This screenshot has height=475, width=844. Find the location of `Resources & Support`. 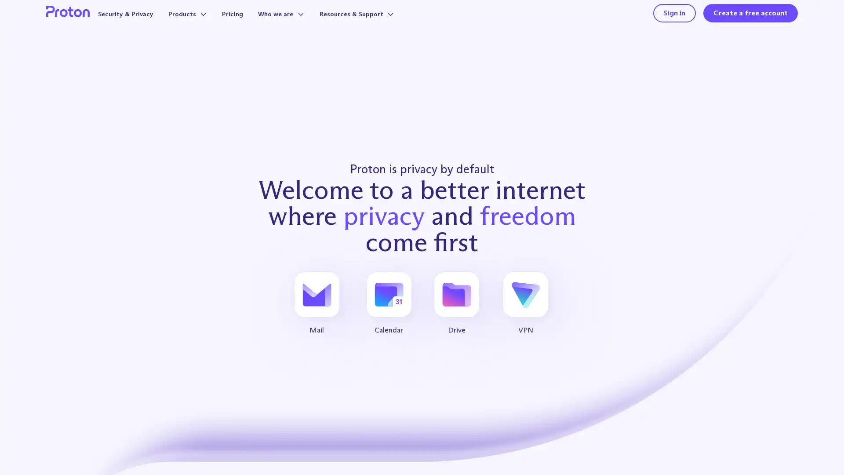

Resources & Support is located at coordinates (380, 22).